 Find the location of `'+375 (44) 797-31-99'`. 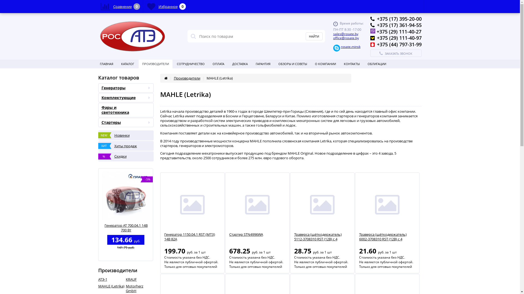

'+375 (44) 797-31-99' is located at coordinates (399, 44).